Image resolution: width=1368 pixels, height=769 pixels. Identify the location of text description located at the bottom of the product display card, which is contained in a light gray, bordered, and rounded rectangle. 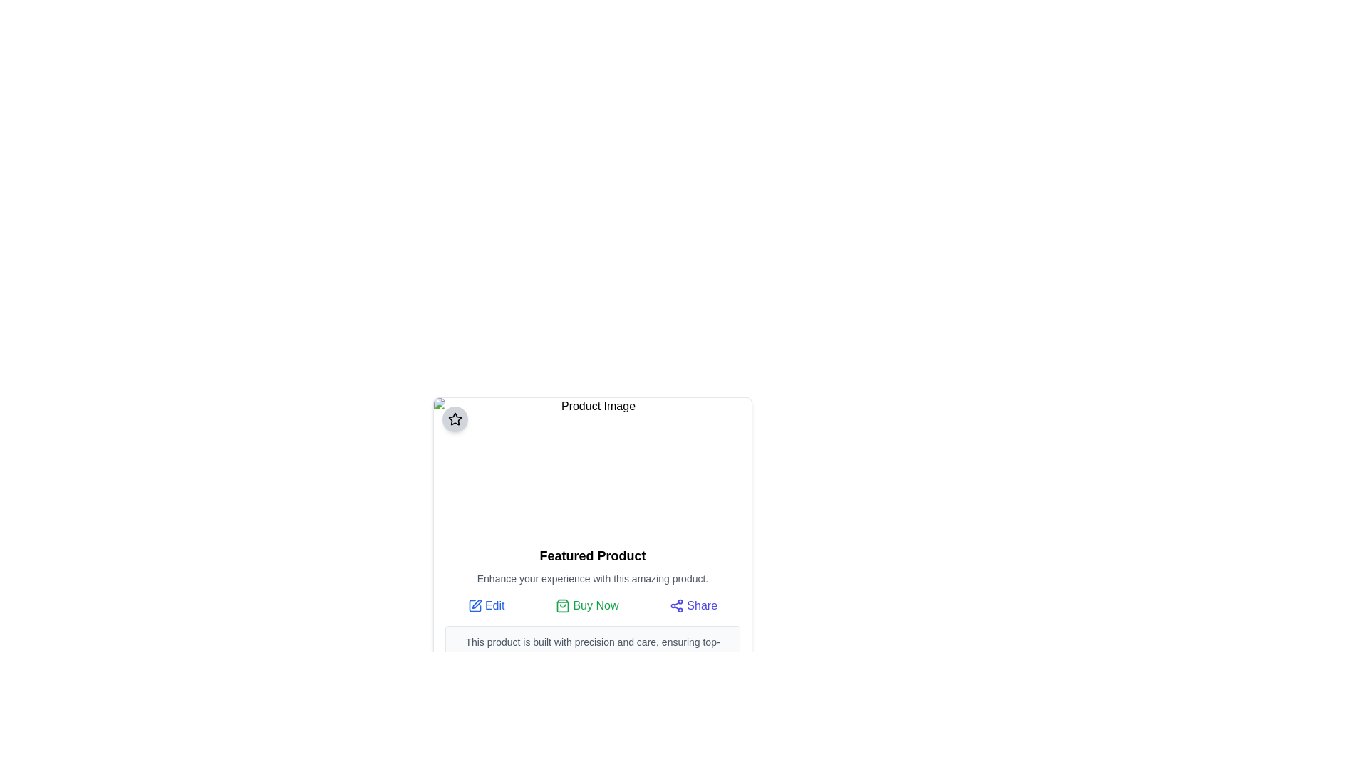
(592, 649).